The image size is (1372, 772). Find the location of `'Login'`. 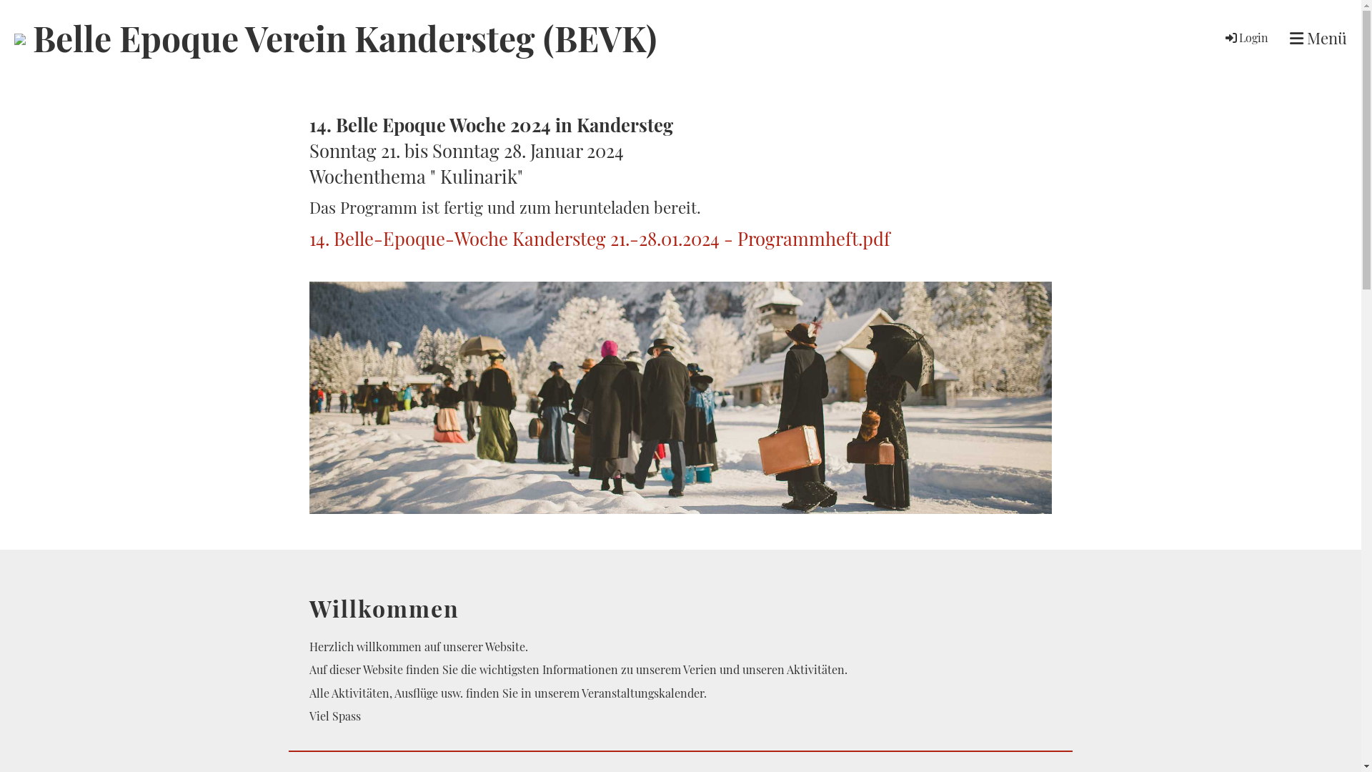

'Login' is located at coordinates (1223, 36).